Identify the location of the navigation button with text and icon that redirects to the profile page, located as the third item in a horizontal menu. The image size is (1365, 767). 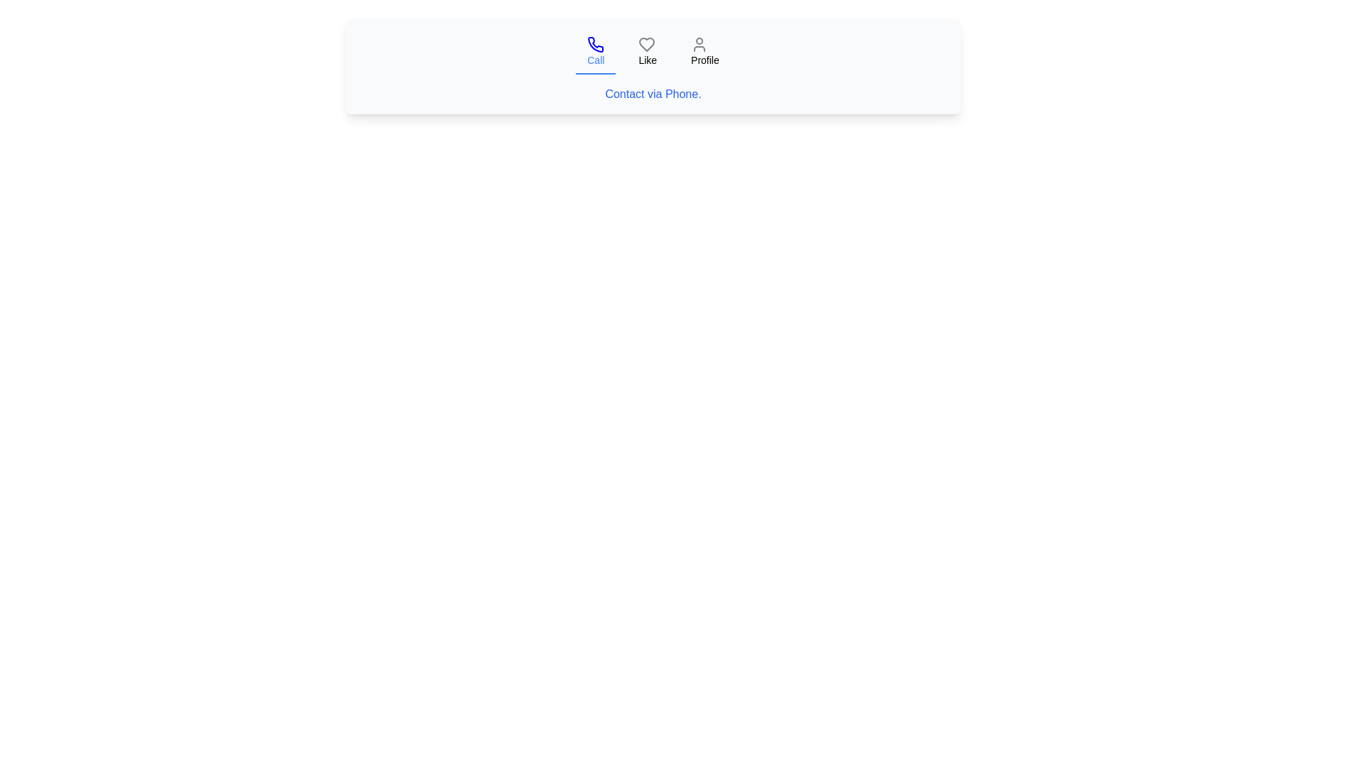
(705, 51).